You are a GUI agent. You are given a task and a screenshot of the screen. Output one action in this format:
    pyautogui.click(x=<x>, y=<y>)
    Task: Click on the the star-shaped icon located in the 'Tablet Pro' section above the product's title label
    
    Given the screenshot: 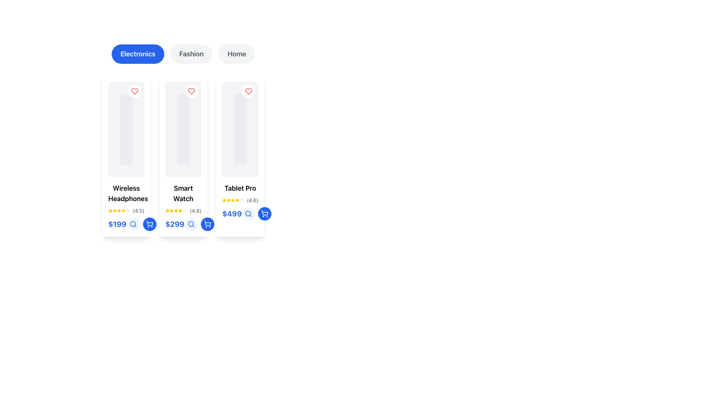 What is the action you would take?
    pyautogui.click(x=242, y=200)
    